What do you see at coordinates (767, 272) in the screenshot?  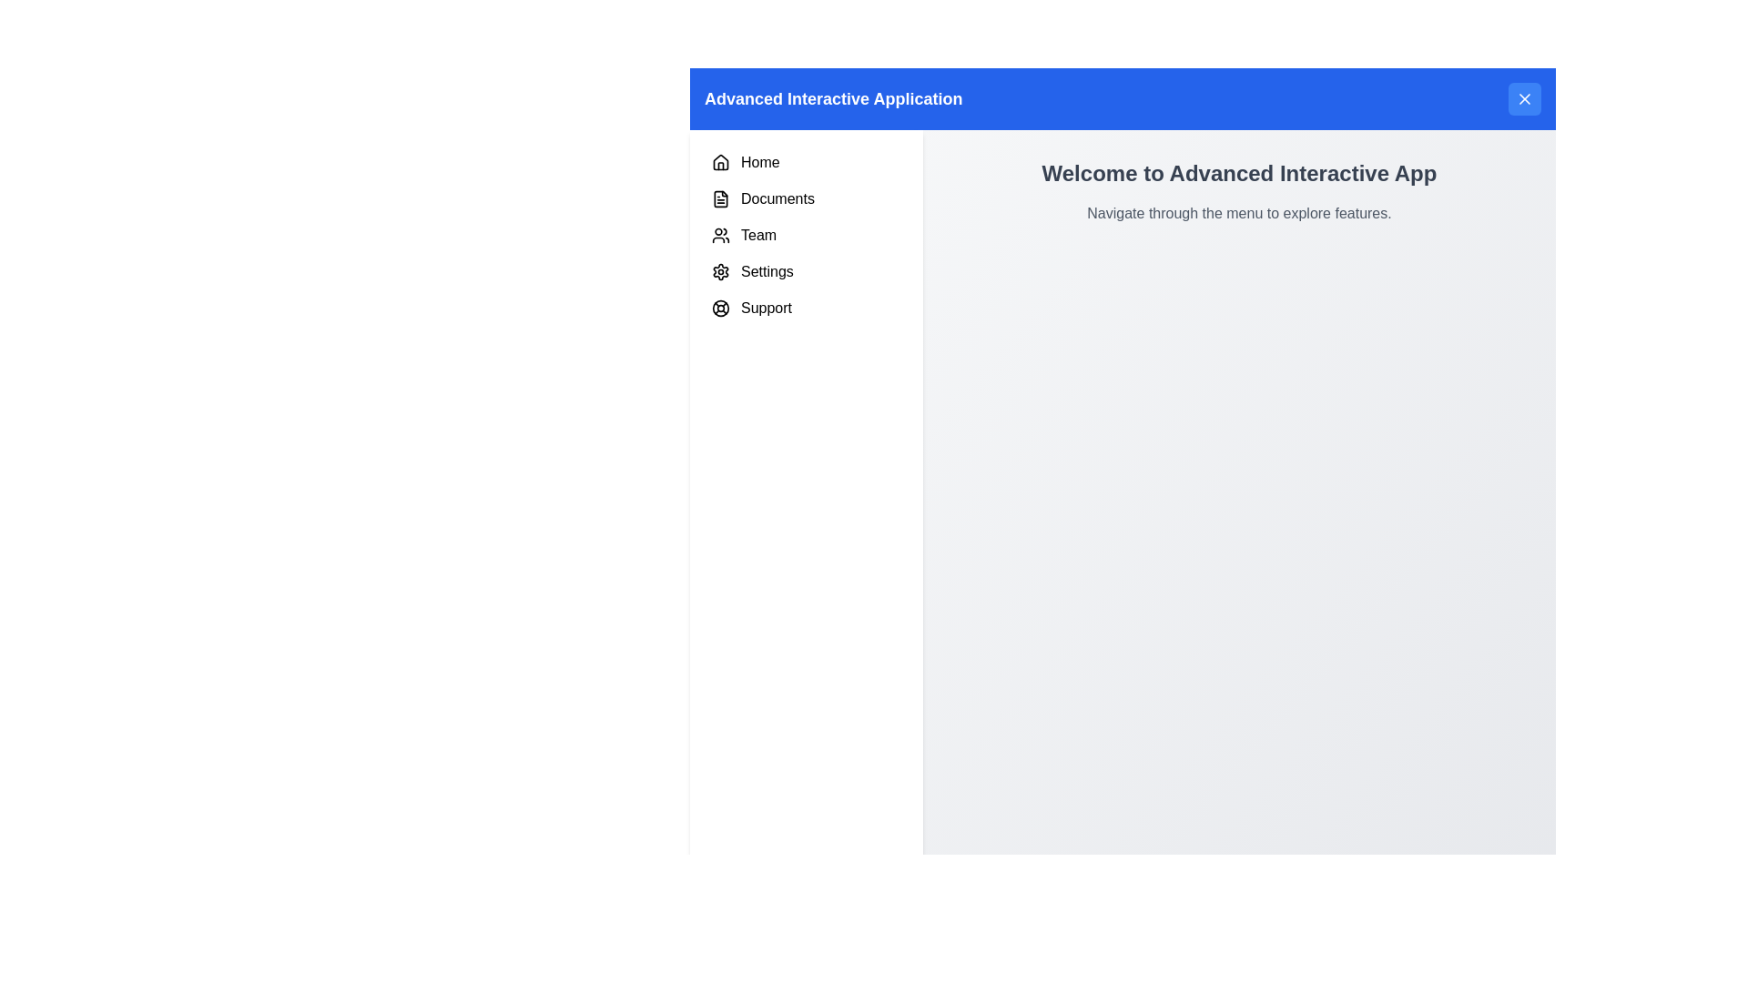 I see `the 'Settings' text label in the vertical side menu, which is positioned fourth from the top, below 'Team' and above 'Support'` at bounding box center [767, 272].